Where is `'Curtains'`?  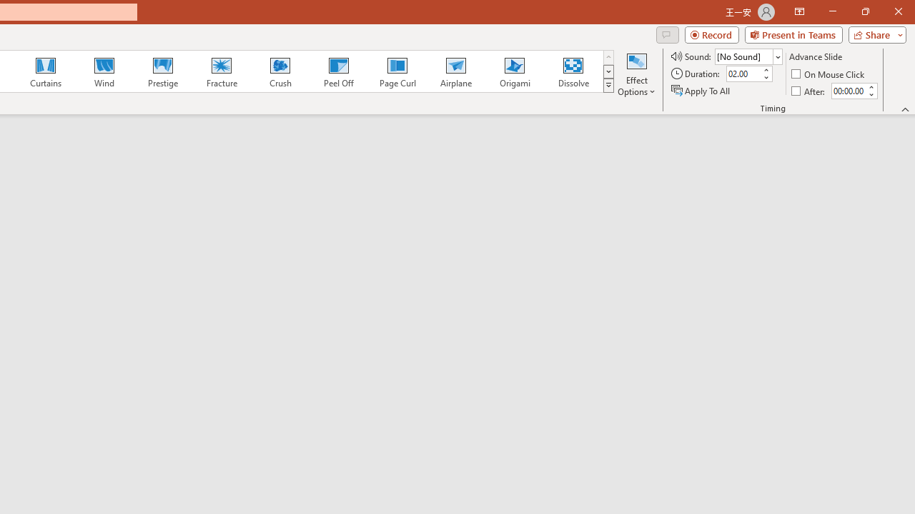 'Curtains' is located at coordinates (46, 71).